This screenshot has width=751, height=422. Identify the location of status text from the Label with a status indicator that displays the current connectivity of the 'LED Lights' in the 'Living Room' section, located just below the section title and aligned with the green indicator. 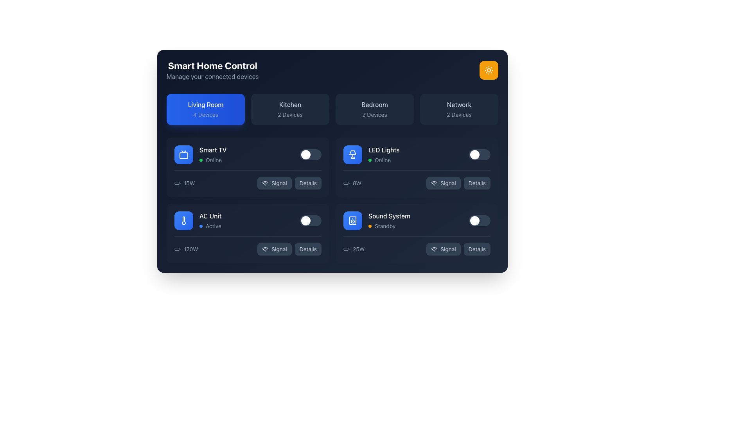
(384, 159).